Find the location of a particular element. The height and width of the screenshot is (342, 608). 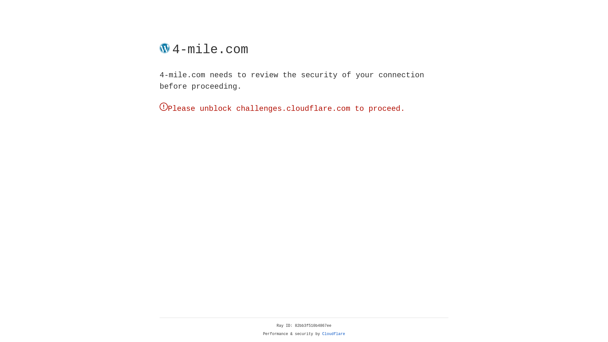

'Cloudflare' is located at coordinates (322, 334).